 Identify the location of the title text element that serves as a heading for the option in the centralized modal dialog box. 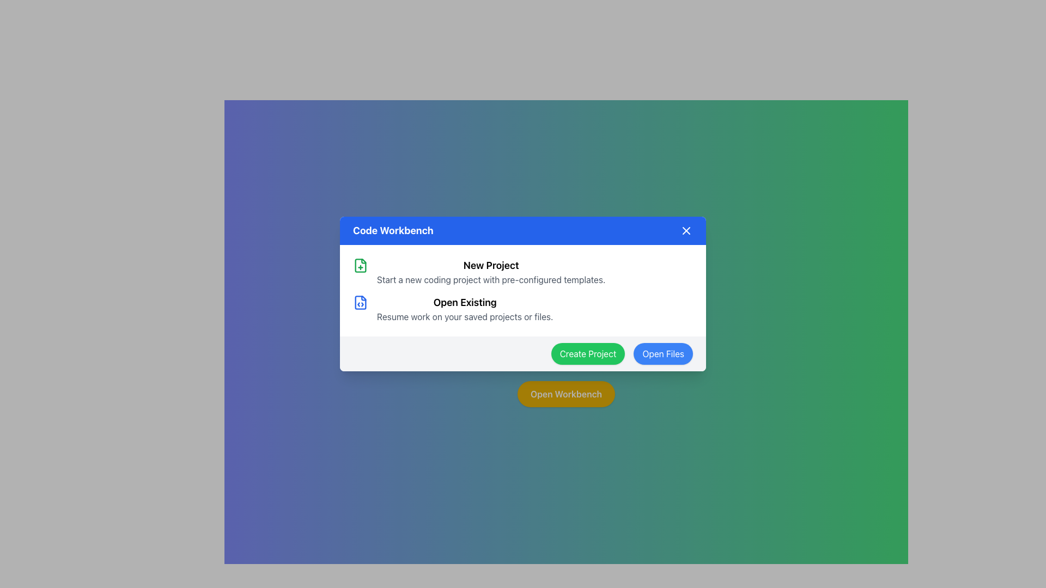
(490, 266).